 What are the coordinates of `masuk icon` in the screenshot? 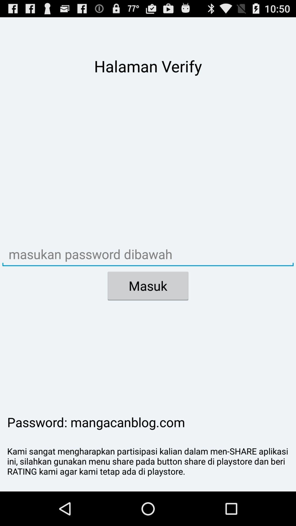 It's located at (148, 285).